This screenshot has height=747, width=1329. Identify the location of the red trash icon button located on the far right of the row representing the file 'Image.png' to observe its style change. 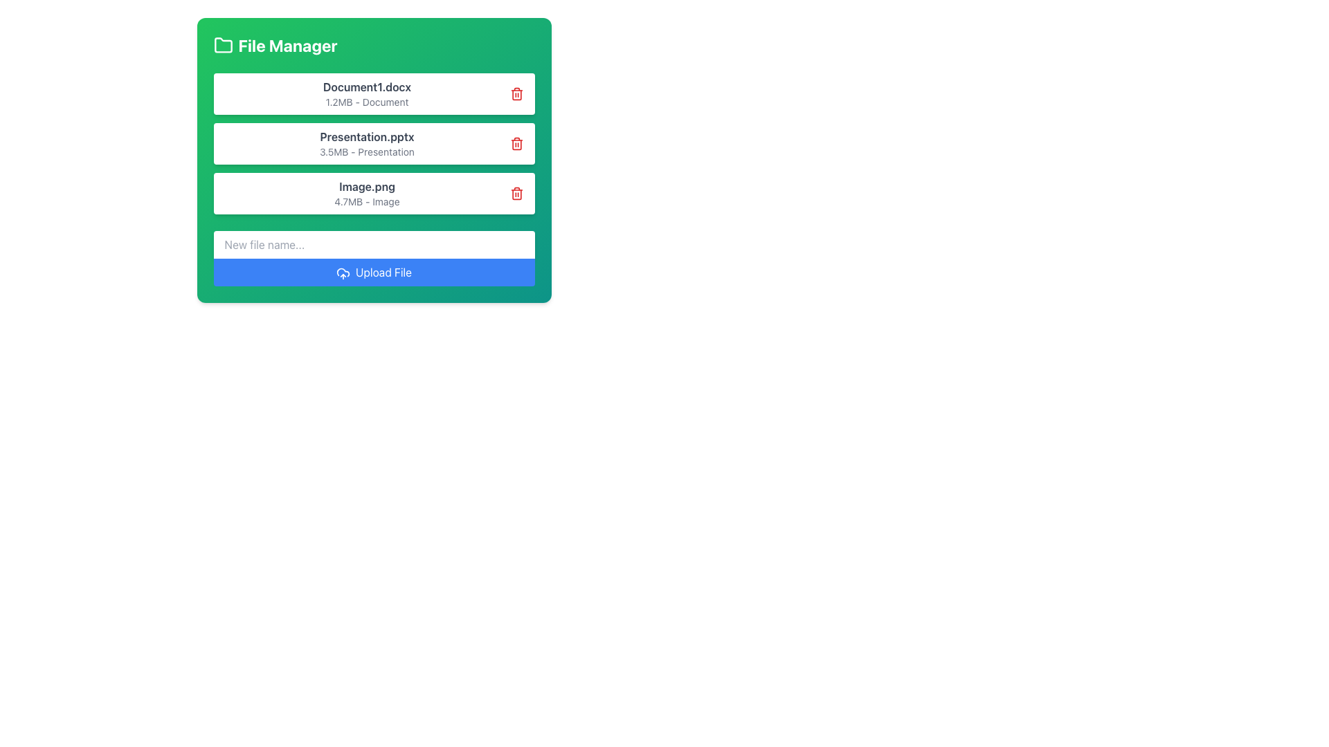
(516, 194).